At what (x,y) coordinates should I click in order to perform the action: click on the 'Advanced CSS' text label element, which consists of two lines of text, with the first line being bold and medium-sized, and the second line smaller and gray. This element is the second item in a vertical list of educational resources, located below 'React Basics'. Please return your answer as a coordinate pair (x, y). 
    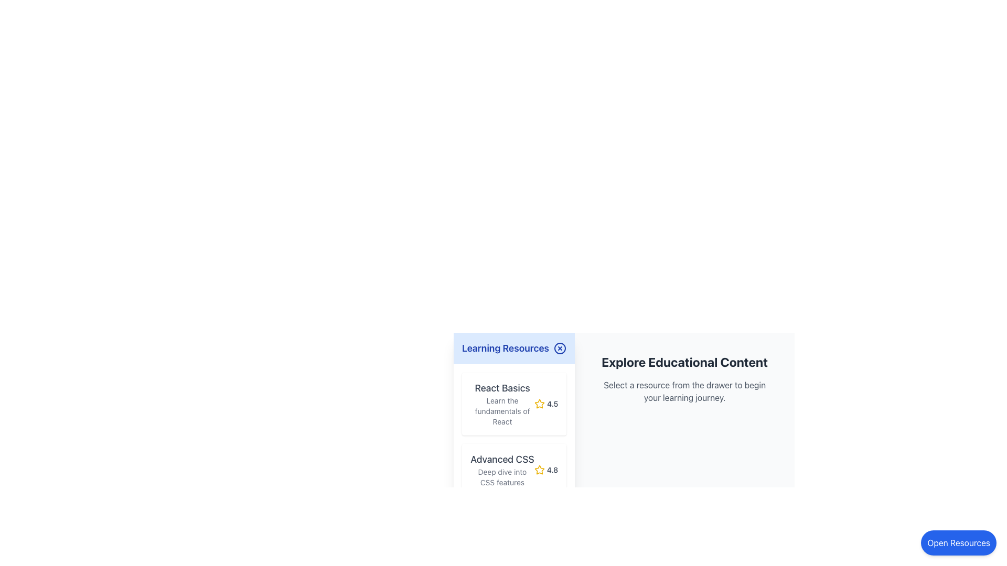
    Looking at the image, I should click on (501, 470).